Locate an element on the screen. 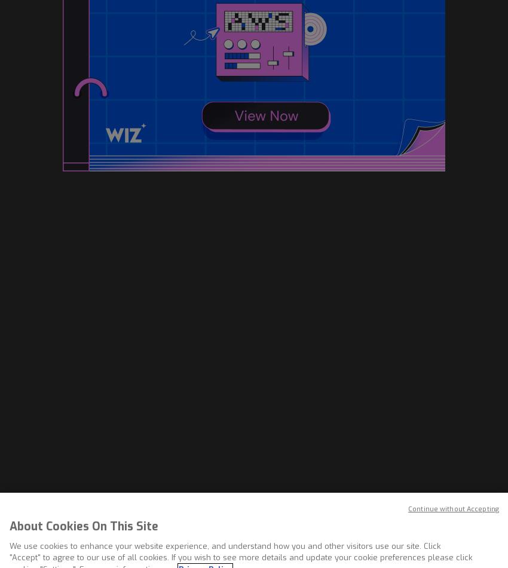 This screenshot has height=568, width=508. 'Dark Reading's' is located at coordinates (240, 402).